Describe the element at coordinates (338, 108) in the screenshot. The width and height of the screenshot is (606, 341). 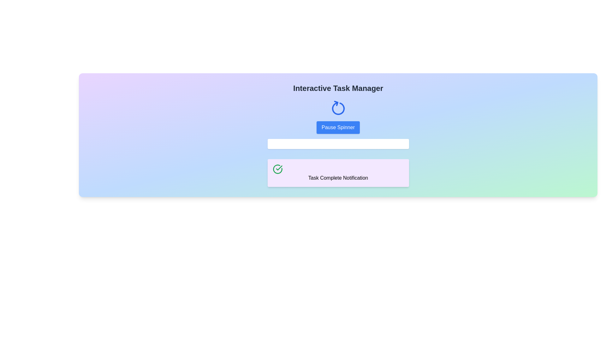
I see `the animated icon that serves as a dynamic visual indicator, located centrally above the 'Pause Spinner' button` at that location.